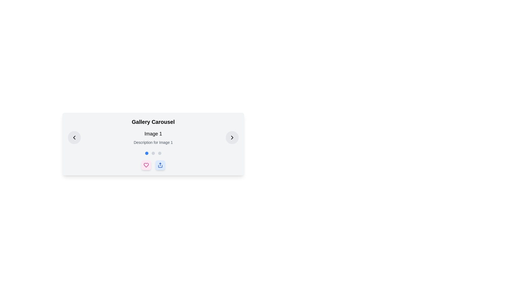  Describe the element at coordinates (232, 137) in the screenshot. I see `the right-side navigation button to advance to the next item in the carousel` at that location.